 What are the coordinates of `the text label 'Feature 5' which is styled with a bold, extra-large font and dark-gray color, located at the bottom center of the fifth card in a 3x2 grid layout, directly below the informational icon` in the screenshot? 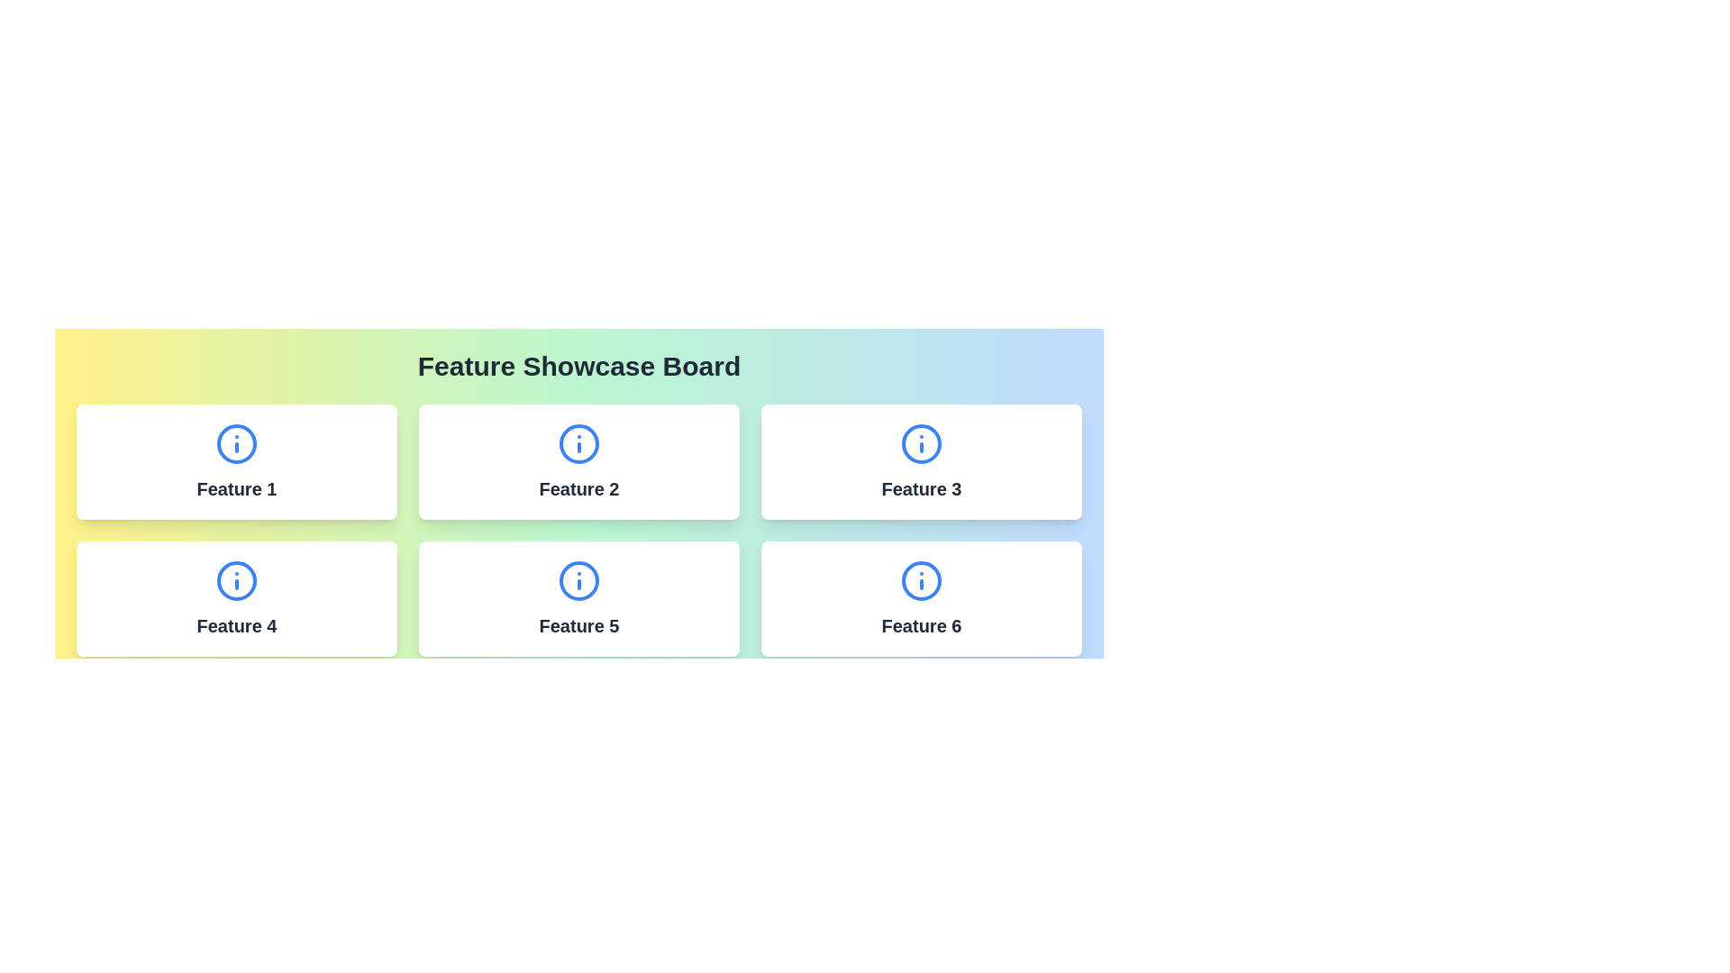 It's located at (579, 624).